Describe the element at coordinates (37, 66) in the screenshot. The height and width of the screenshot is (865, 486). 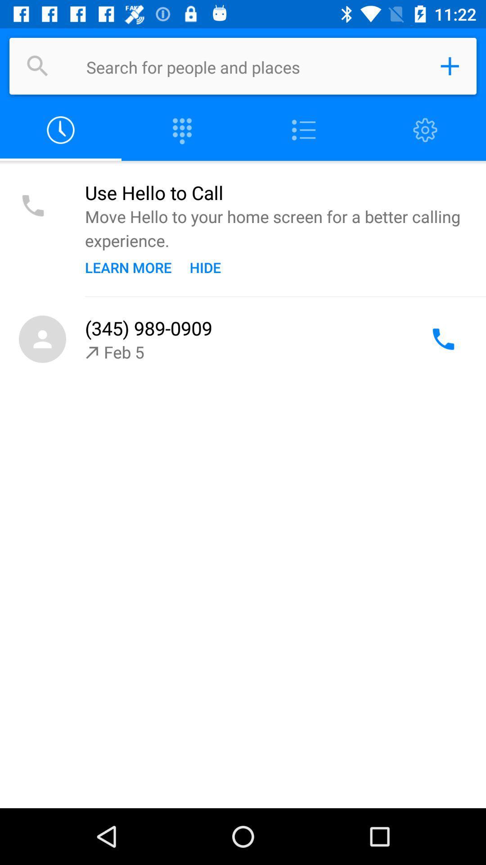
I see `search for people and places` at that location.